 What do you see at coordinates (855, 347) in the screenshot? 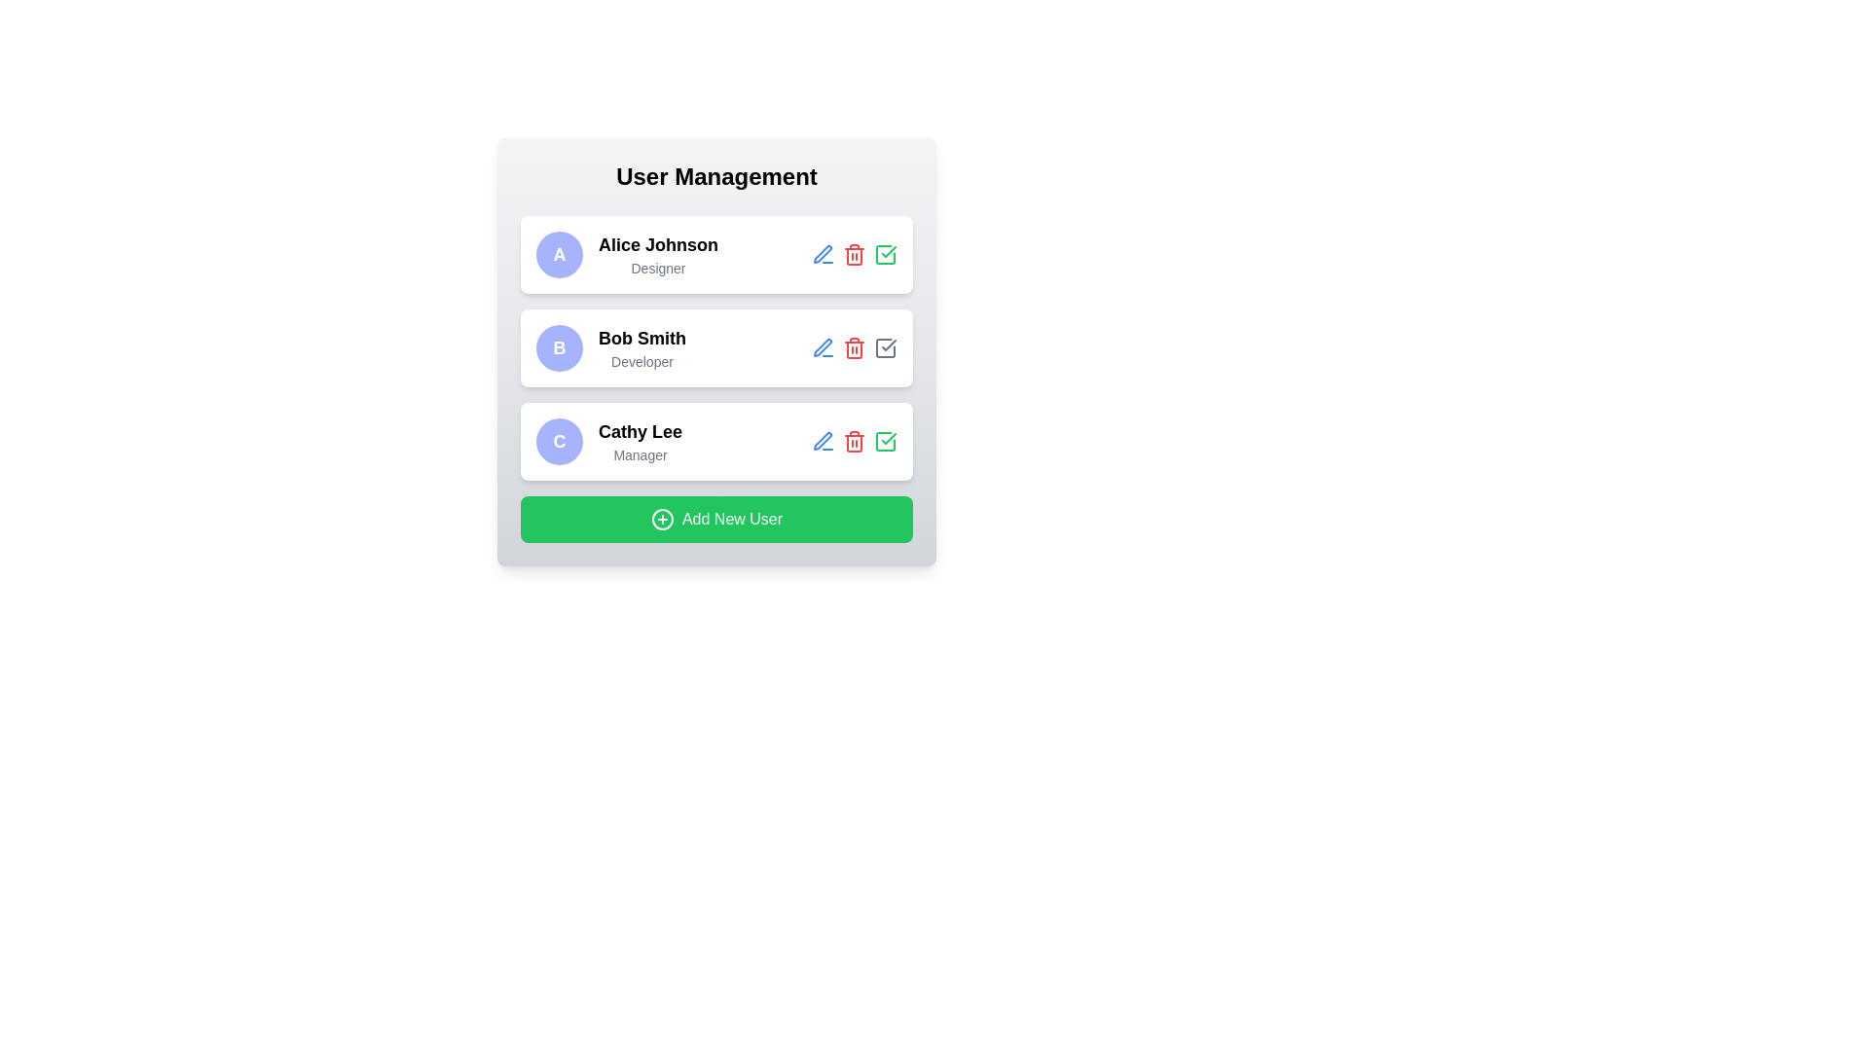
I see `the delete button (trash icon) located in the horizontal row of action icons next to the user's name and role` at bounding box center [855, 347].